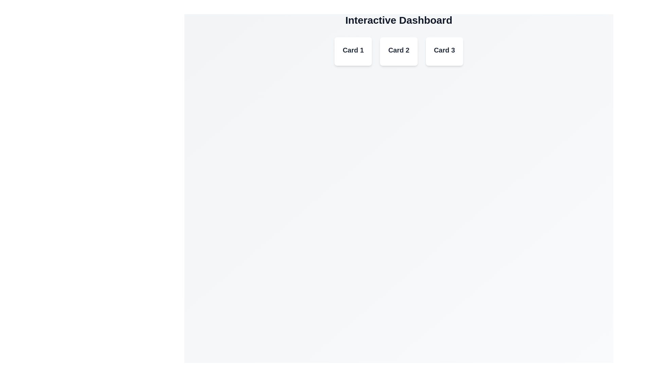 This screenshot has width=652, height=366. I want to click on the static text label 'Card 1' which identifies the first card component in the dashboard interface, so click(353, 49).